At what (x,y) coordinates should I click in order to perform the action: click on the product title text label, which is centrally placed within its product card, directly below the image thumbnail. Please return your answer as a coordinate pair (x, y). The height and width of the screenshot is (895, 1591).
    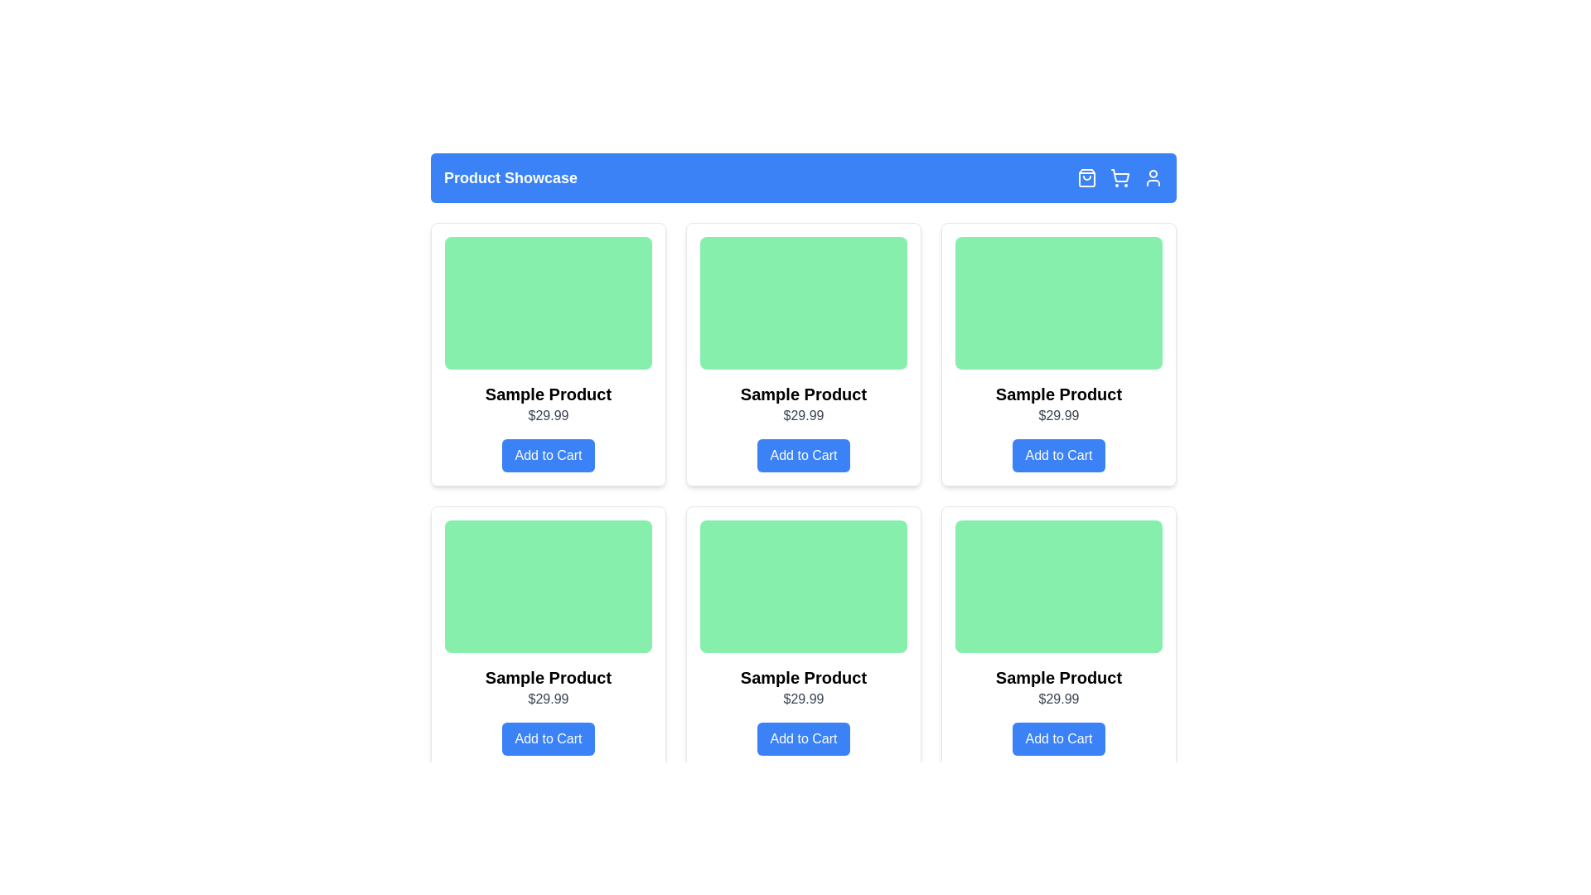
    Looking at the image, I should click on (803, 394).